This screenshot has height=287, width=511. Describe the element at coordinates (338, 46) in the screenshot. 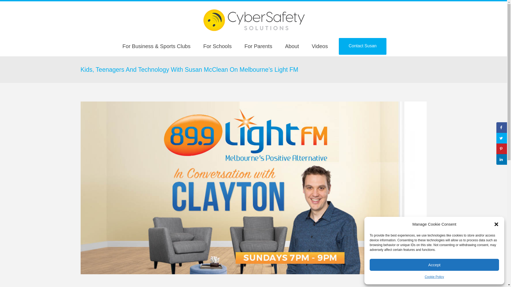

I see `'Contact Susan'` at that location.